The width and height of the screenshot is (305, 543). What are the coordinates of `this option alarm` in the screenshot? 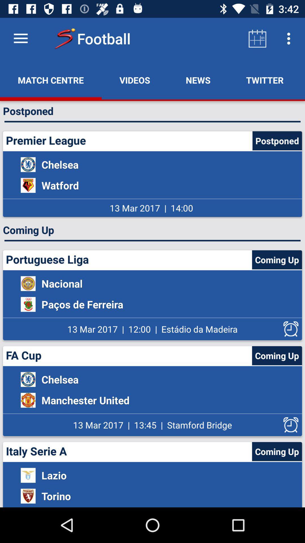 It's located at (291, 329).